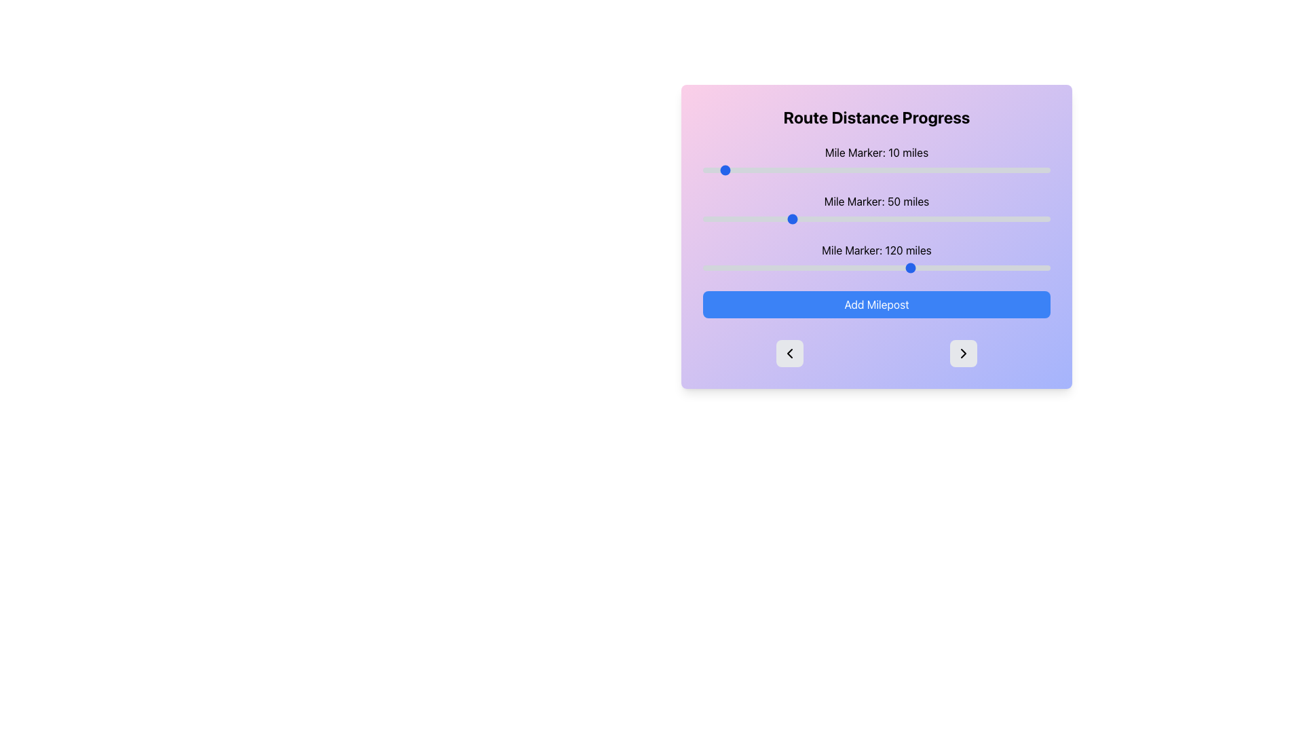 This screenshot has width=1303, height=733. I want to click on the label 'Mile Marker: 50 miles', so click(876, 209).